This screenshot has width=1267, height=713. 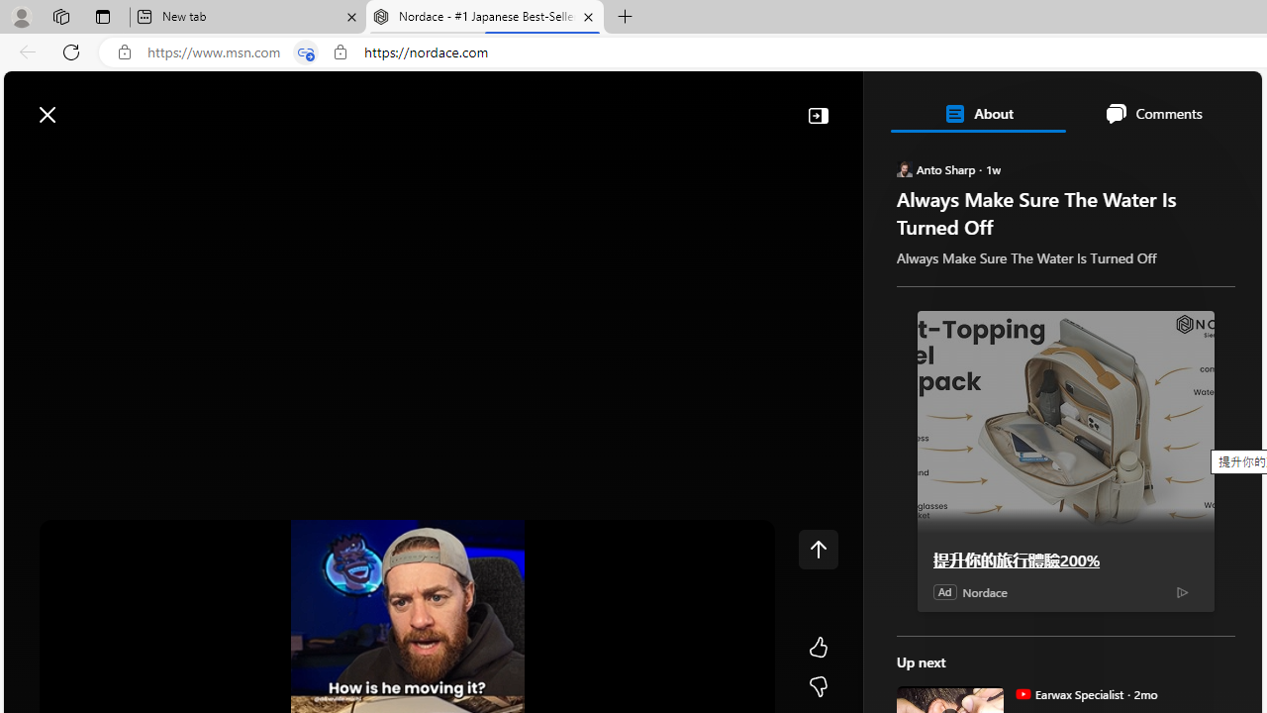 I want to click on 'About', so click(x=977, y=113).